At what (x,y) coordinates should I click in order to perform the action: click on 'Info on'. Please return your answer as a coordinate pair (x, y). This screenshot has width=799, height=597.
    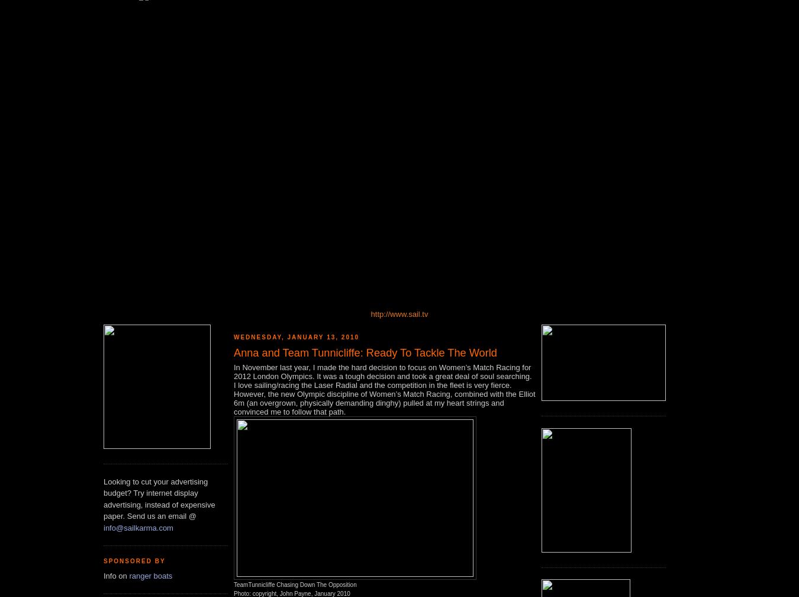
    Looking at the image, I should click on (116, 575).